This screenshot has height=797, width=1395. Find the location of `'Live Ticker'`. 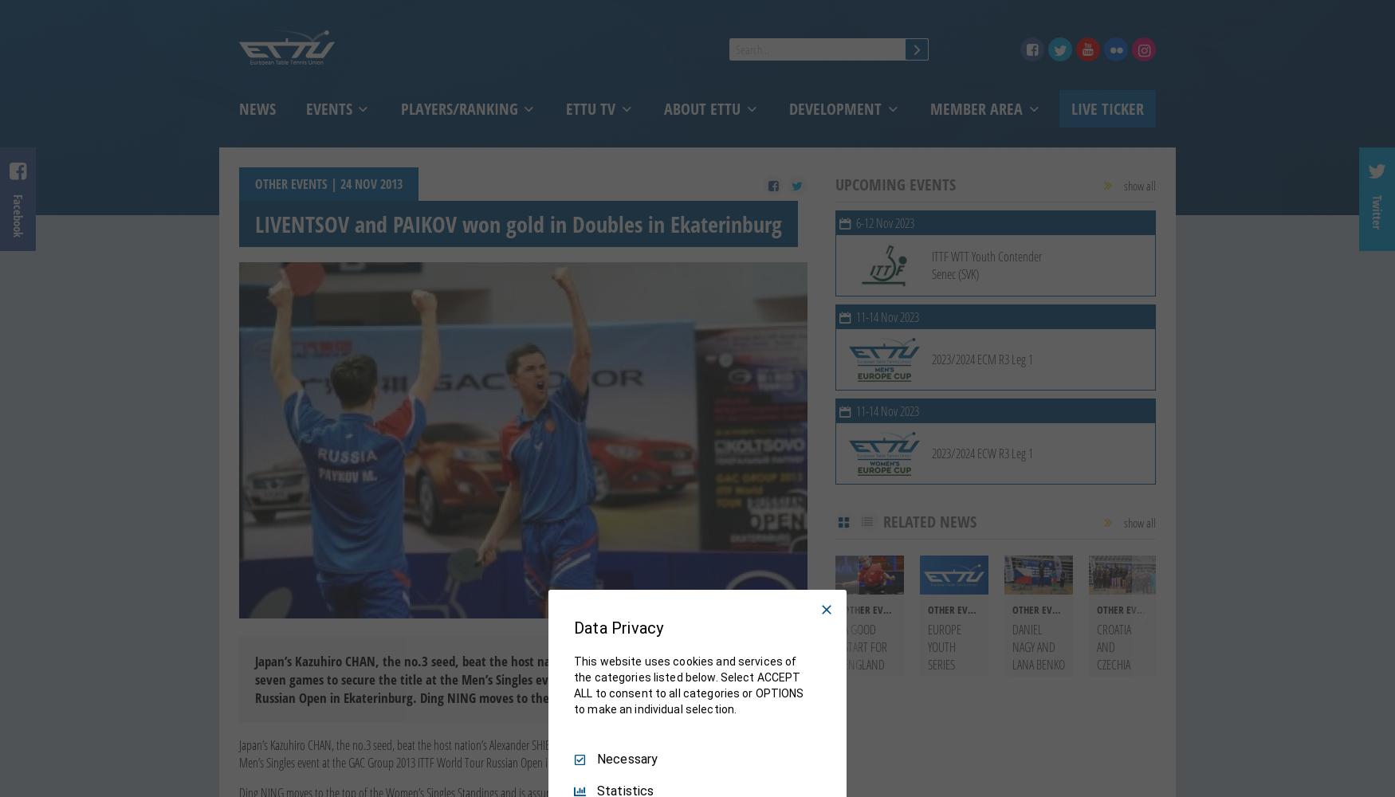

'Live Ticker' is located at coordinates (1106, 108).